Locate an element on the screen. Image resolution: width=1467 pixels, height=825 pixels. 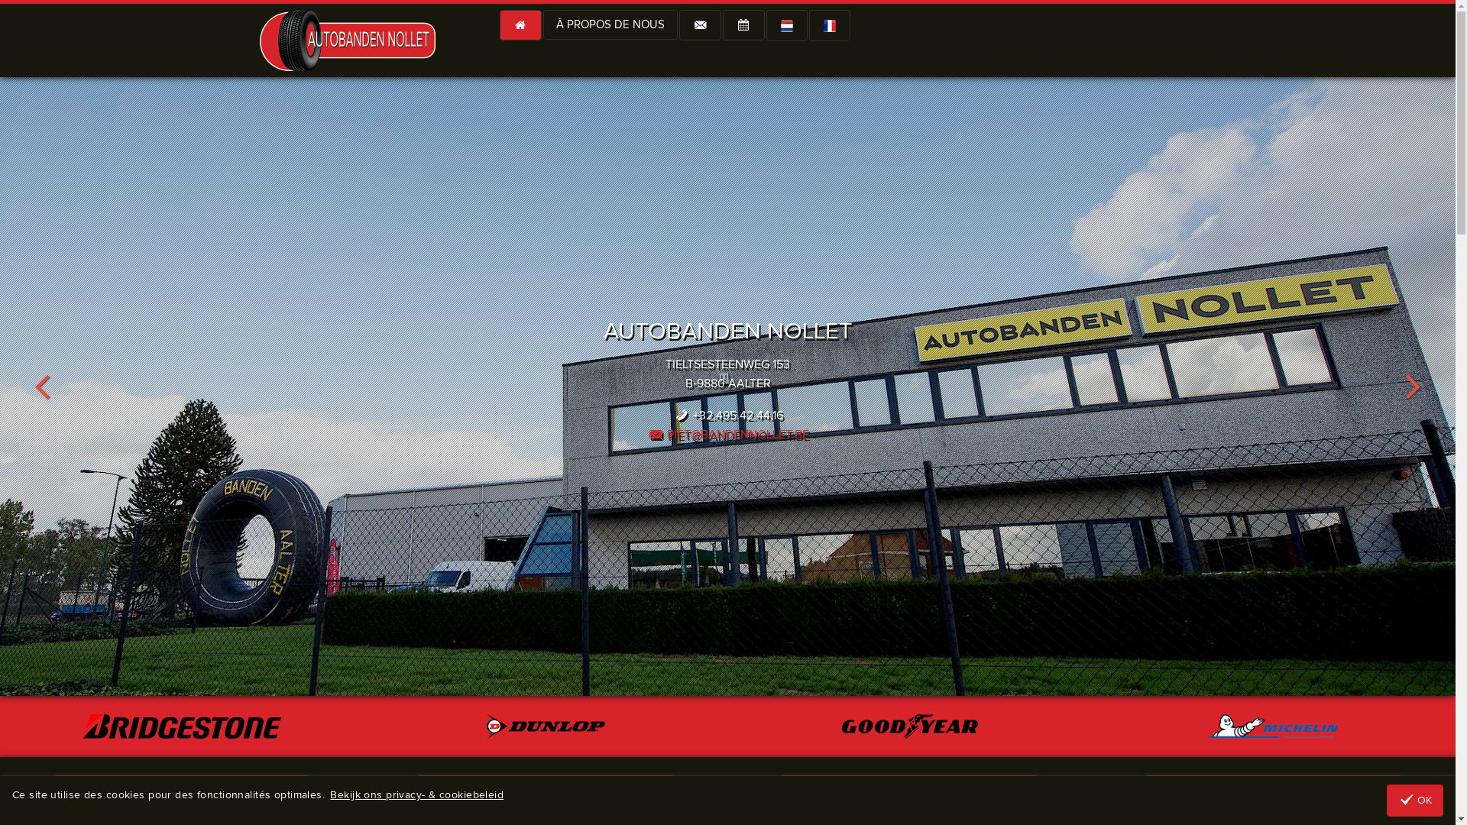
'Maak online een afspraak' is located at coordinates (743, 25).